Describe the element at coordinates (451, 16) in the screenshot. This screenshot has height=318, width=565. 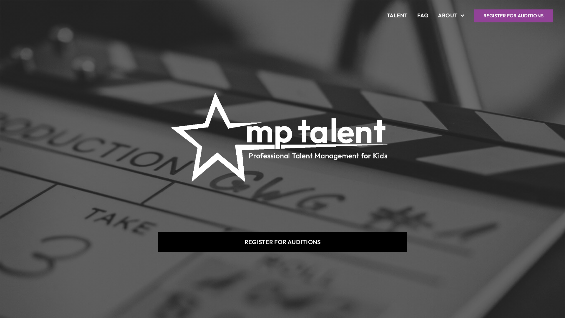
I see `'ABOUT'` at that location.